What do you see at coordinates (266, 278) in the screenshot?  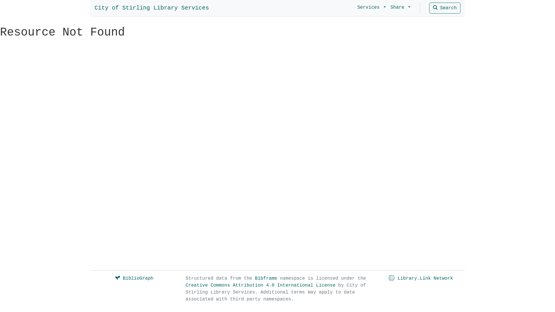 I see `'Bibframe'` at bounding box center [266, 278].